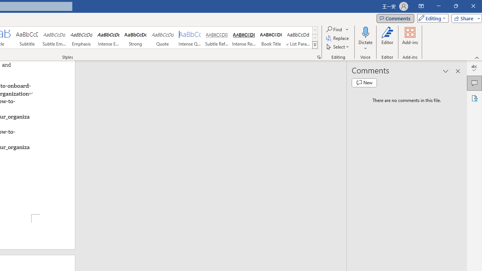  I want to click on 'Row up', so click(315, 30).